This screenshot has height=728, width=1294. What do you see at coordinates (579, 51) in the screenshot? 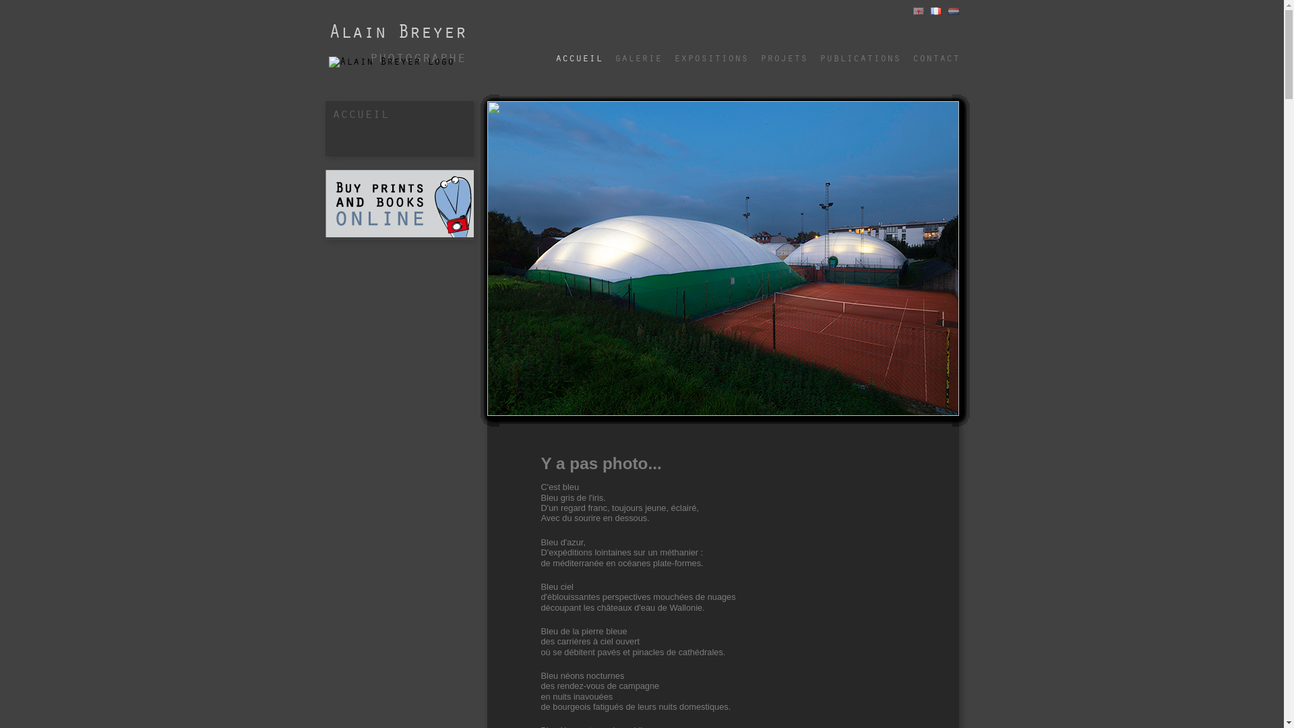
I see `'accueil'` at bounding box center [579, 51].